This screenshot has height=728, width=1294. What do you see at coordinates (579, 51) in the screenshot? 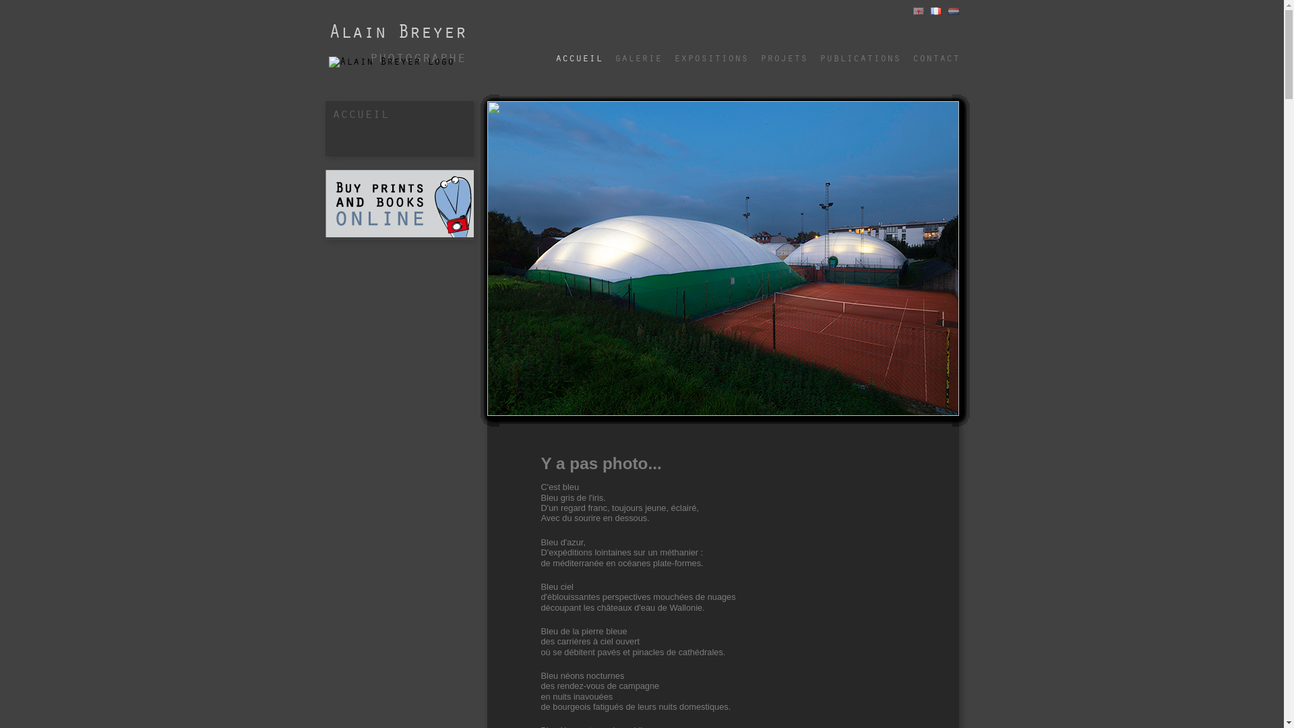
I see `'accueil'` at bounding box center [579, 51].